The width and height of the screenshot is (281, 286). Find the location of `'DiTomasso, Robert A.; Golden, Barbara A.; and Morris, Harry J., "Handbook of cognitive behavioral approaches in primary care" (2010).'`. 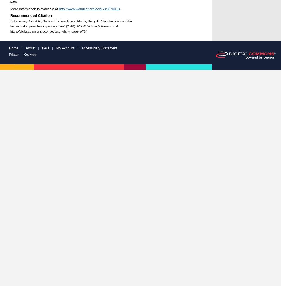

'DiTomasso, Robert A.; Golden, Barbara A.; and Morris, Harry J., "Handbook of cognitive behavioral approaches in primary care" (2010).' is located at coordinates (71, 23).